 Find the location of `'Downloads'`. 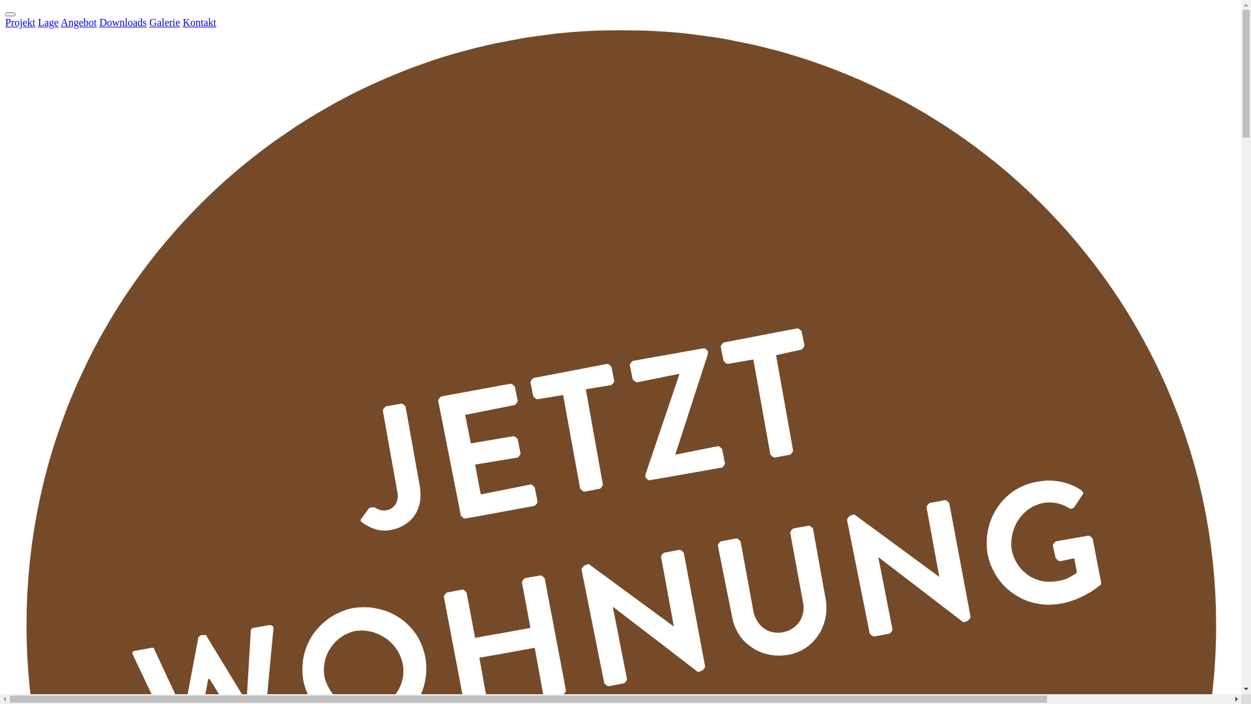

'Downloads' is located at coordinates (98, 22).